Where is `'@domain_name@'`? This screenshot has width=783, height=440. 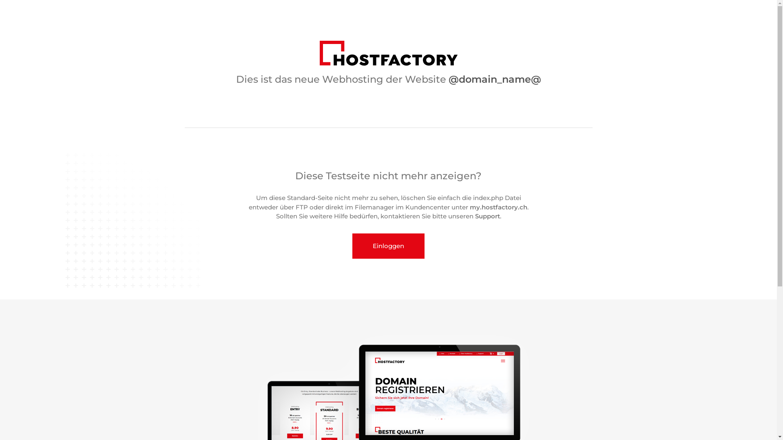
'@domain_name@' is located at coordinates (494, 79).